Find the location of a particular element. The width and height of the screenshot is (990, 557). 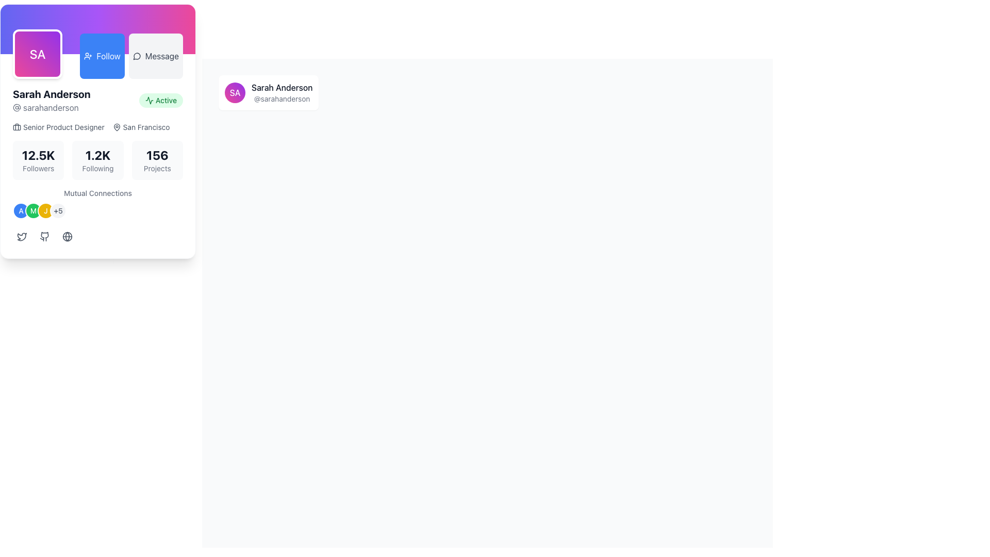

the text element displaying '1.2K' which is prominently shown in bold and large font in the profile section, located centrally and grouped with the label 'Following' is located at coordinates (98, 155).